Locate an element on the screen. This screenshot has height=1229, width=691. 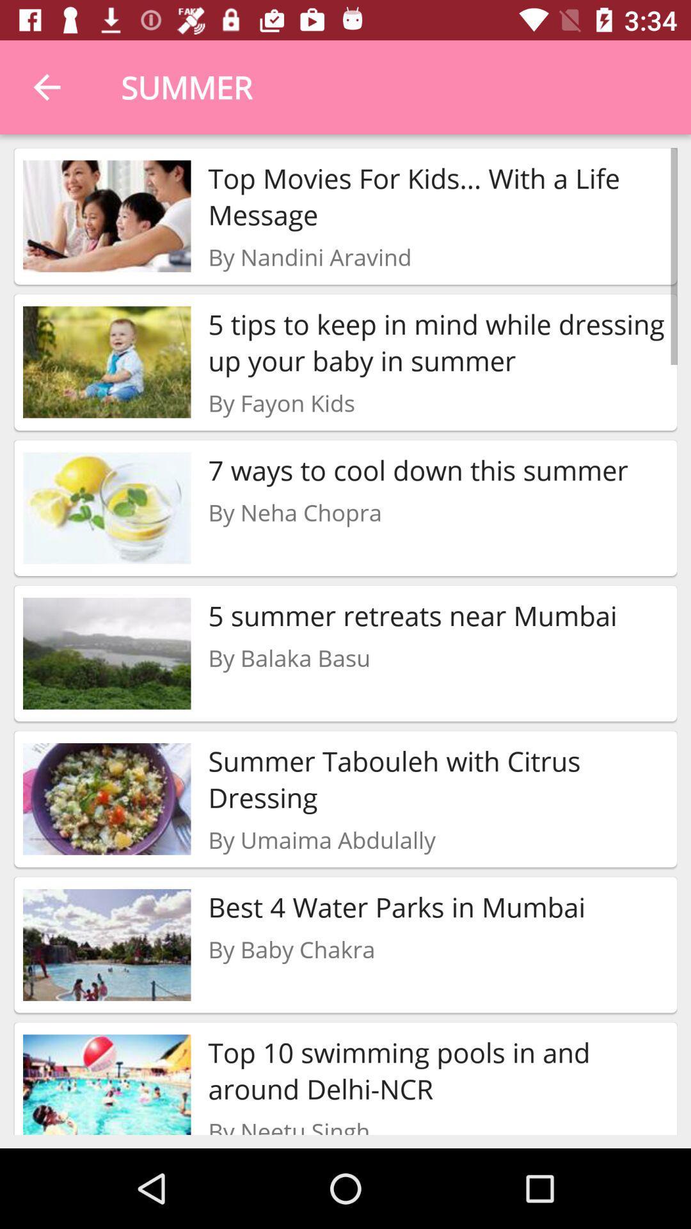
the summer tabouleh with icon is located at coordinates (438, 778).